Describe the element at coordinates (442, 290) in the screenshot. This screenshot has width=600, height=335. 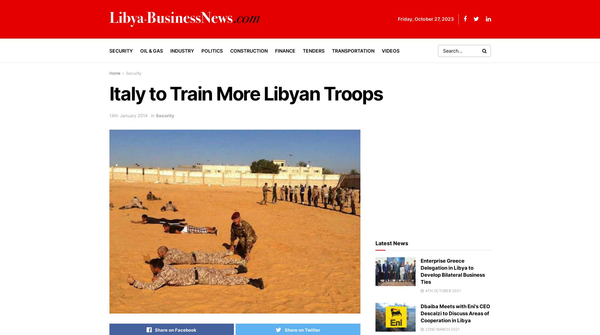
I see `'4th October 2021'` at that location.